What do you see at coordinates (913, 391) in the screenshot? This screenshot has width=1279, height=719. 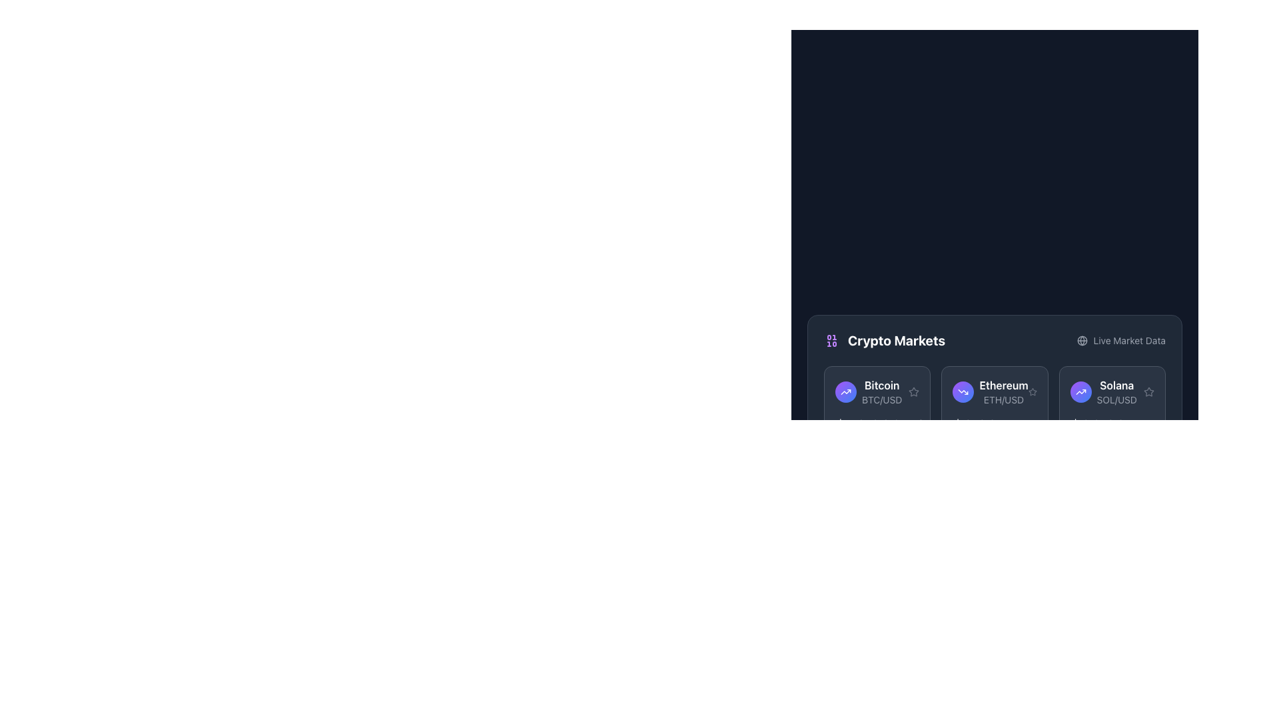 I see `keyboard navigation` at bounding box center [913, 391].